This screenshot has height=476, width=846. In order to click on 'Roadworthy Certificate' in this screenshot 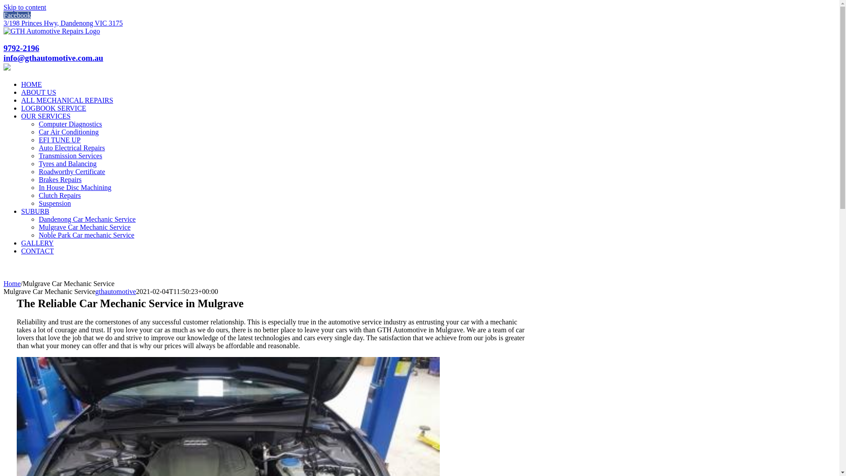, I will do `click(72, 171)`.